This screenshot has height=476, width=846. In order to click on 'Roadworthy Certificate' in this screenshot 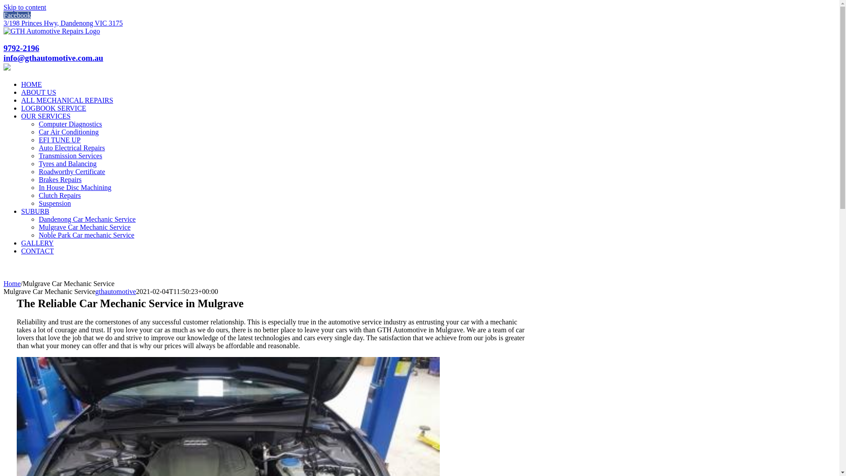, I will do `click(72, 171)`.